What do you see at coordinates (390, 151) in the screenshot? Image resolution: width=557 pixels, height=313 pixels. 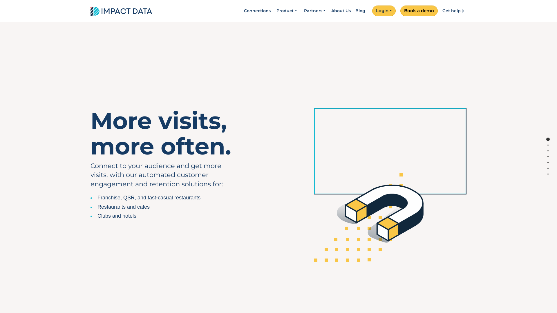 I see `'YouTube video player'` at bounding box center [390, 151].